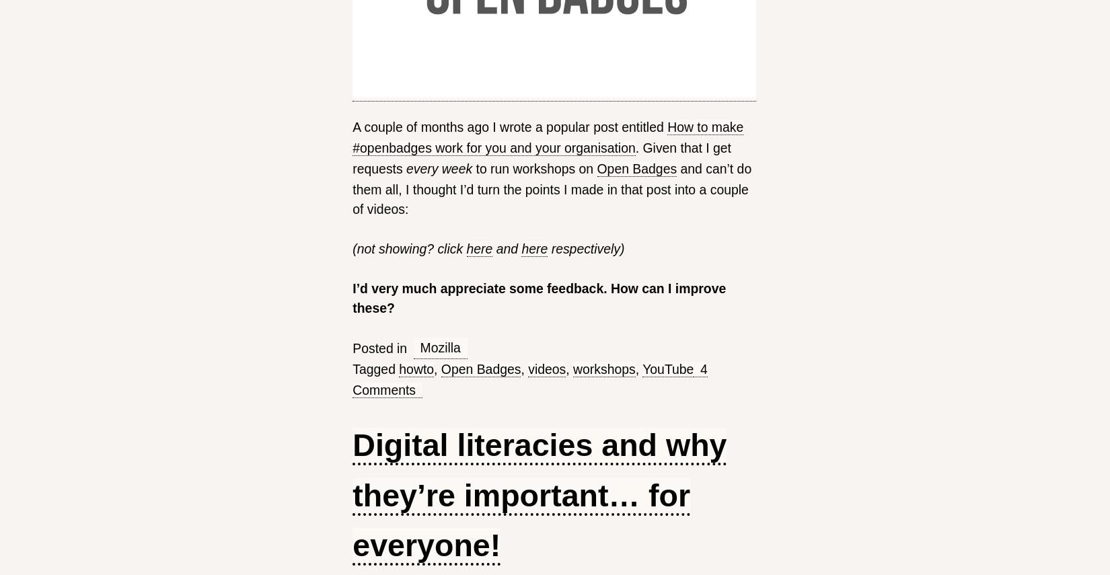 The height and width of the screenshot is (575, 1110). Describe the element at coordinates (379, 347) in the screenshot. I see `'Posted in'` at that location.